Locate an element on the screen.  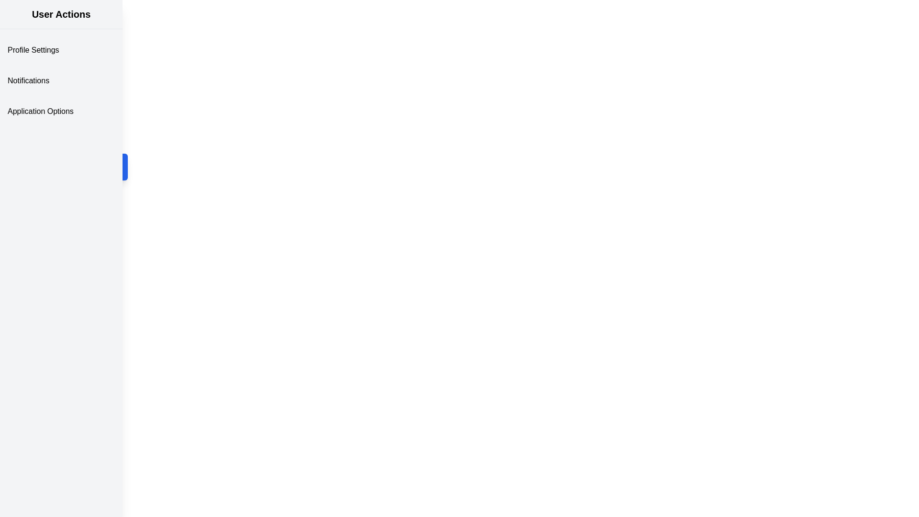
the menu item Notifications to interact with it is located at coordinates (61, 80).